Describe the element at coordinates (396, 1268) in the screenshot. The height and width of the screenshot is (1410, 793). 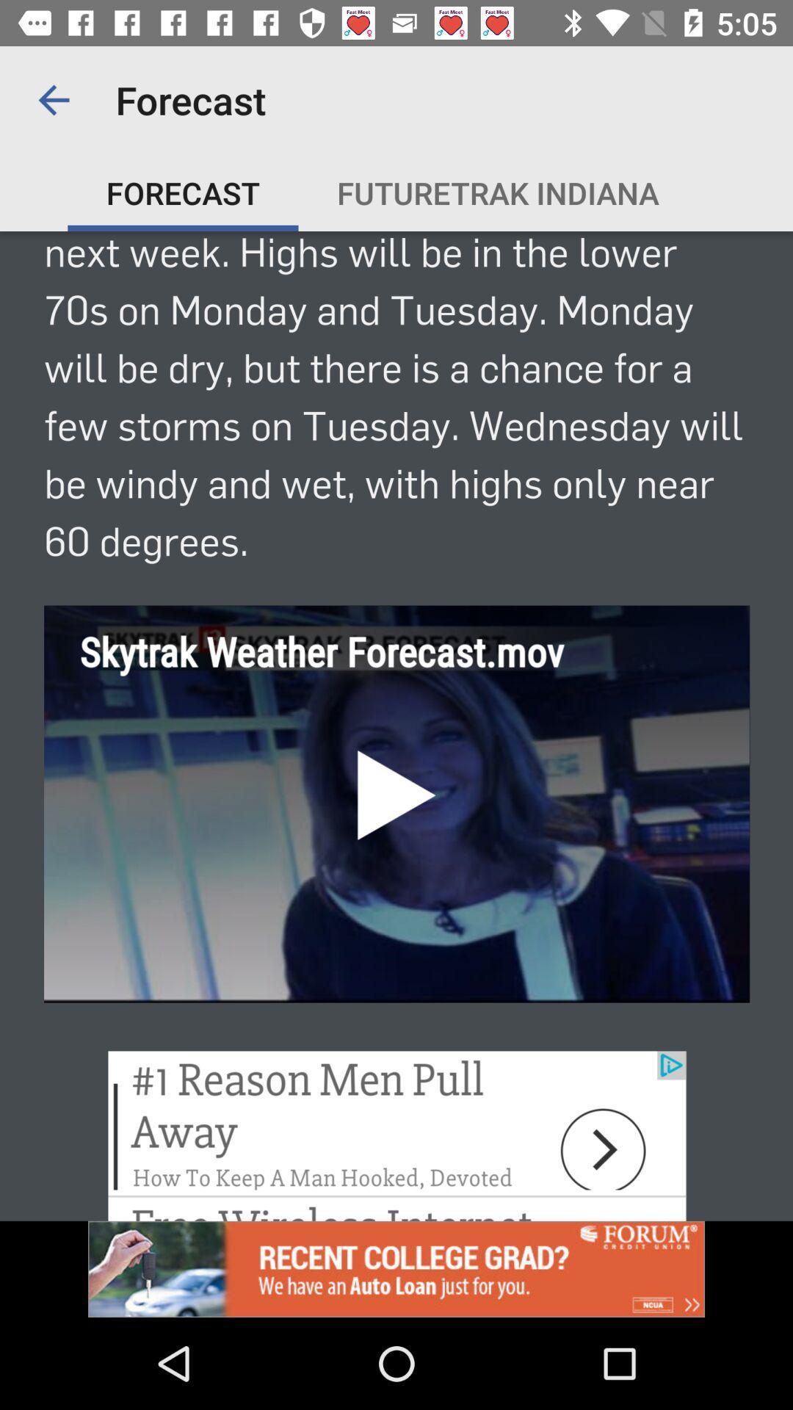
I see `advertising site` at that location.